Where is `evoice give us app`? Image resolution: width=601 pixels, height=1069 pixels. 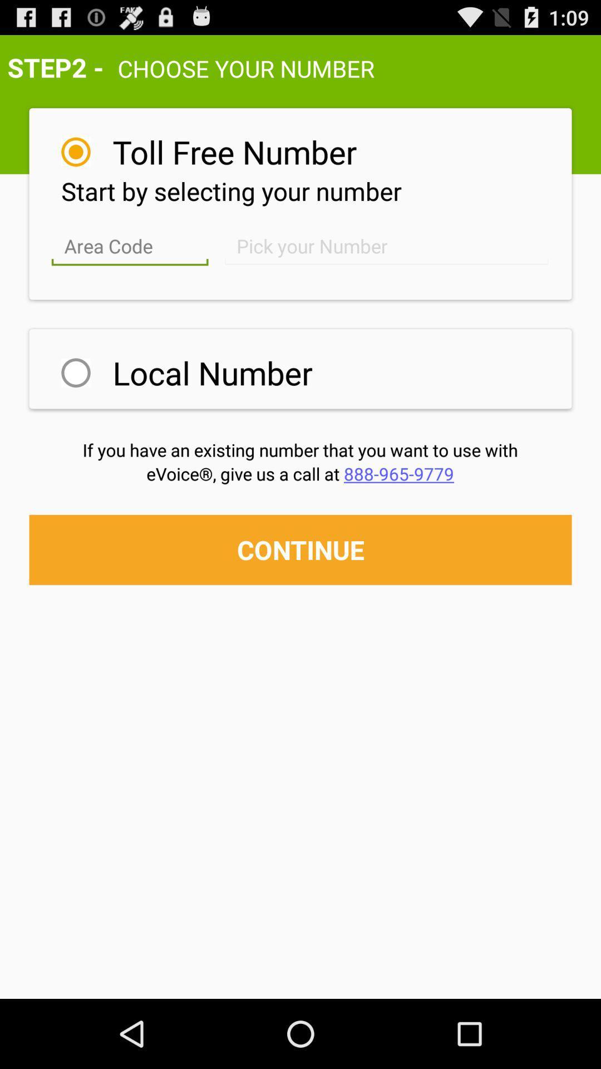
evoice give us app is located at coordinates (299, 473).